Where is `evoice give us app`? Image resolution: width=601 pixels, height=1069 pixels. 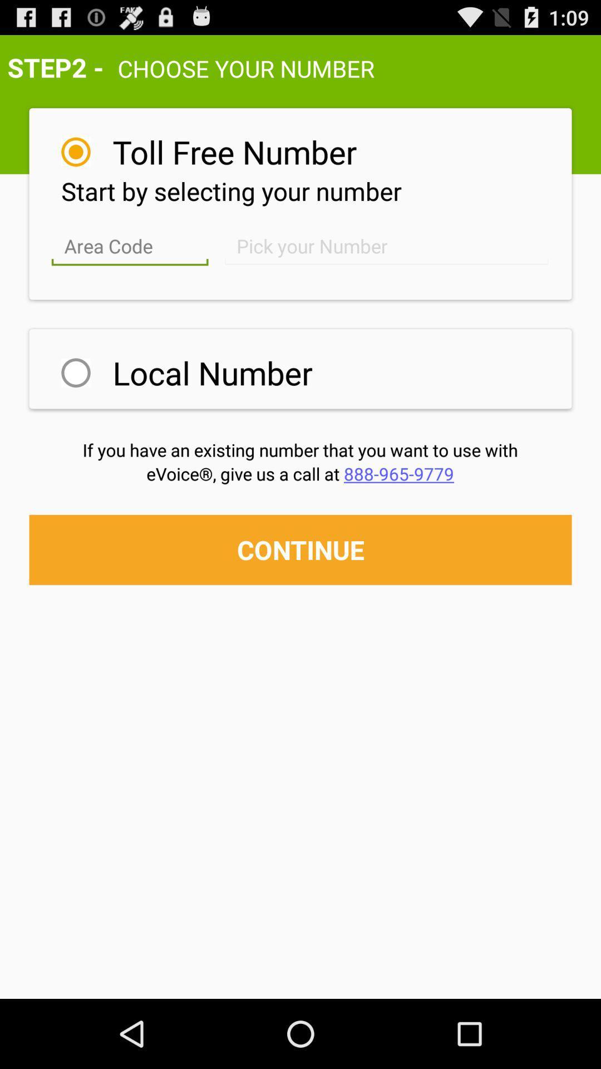
evoice give us app is located at coordinates (299, 473).